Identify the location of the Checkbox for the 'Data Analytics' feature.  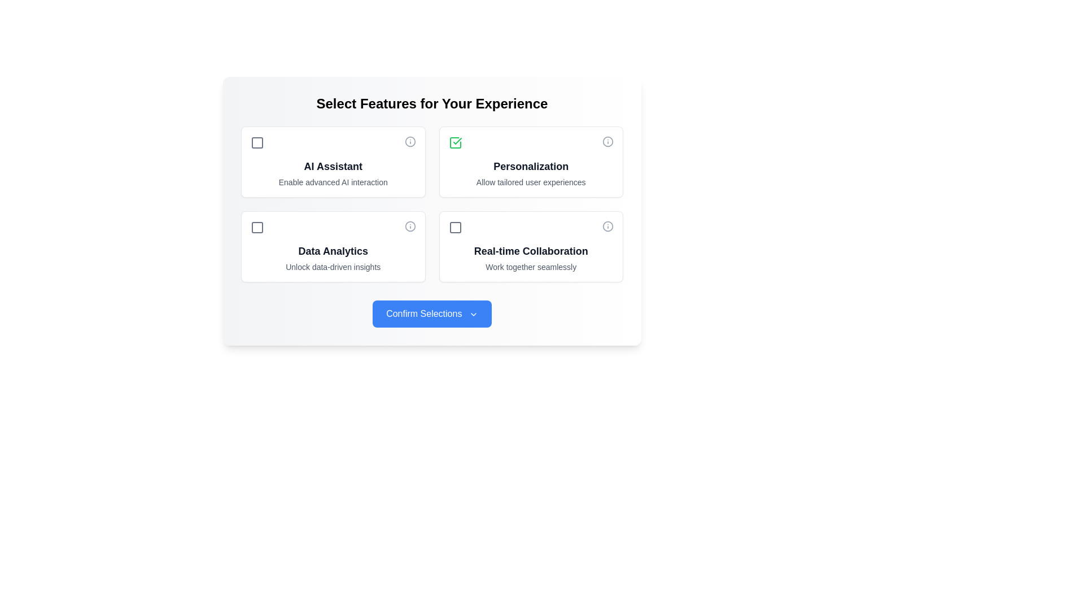
(257, 227).